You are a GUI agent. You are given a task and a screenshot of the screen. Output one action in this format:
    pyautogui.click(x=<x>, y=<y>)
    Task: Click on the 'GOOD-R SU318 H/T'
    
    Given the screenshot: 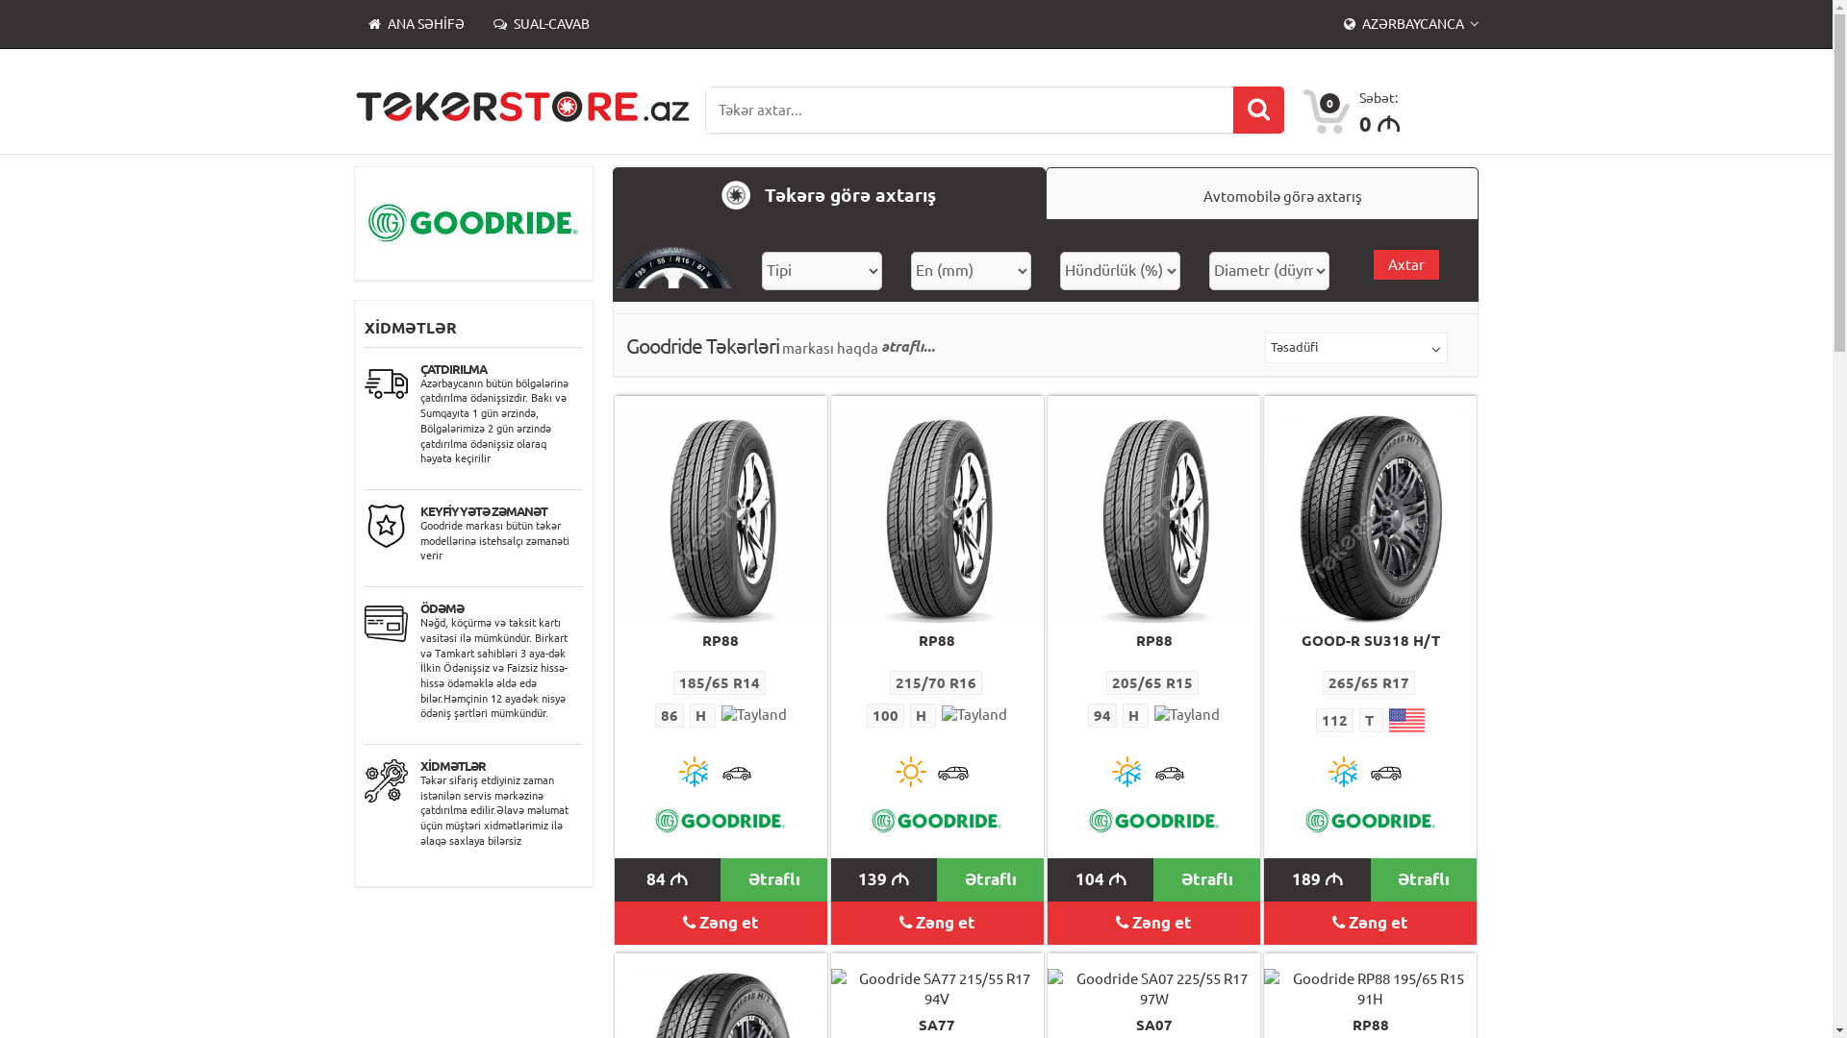 What is the action you would take?
    pyautogui.click(x=1370, y=640)
    